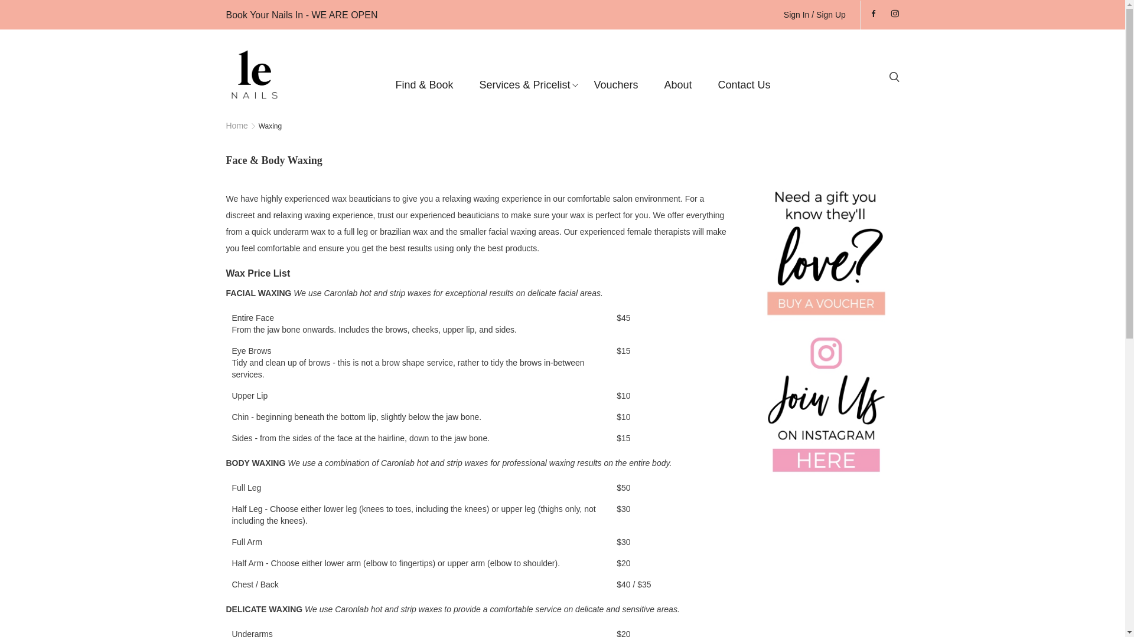 This screenshot has height=637, width=1134. What do you see at coordinates (425, 84) in the screenshot?
I see `'Find & Book'` at bounding box center [425, 84].